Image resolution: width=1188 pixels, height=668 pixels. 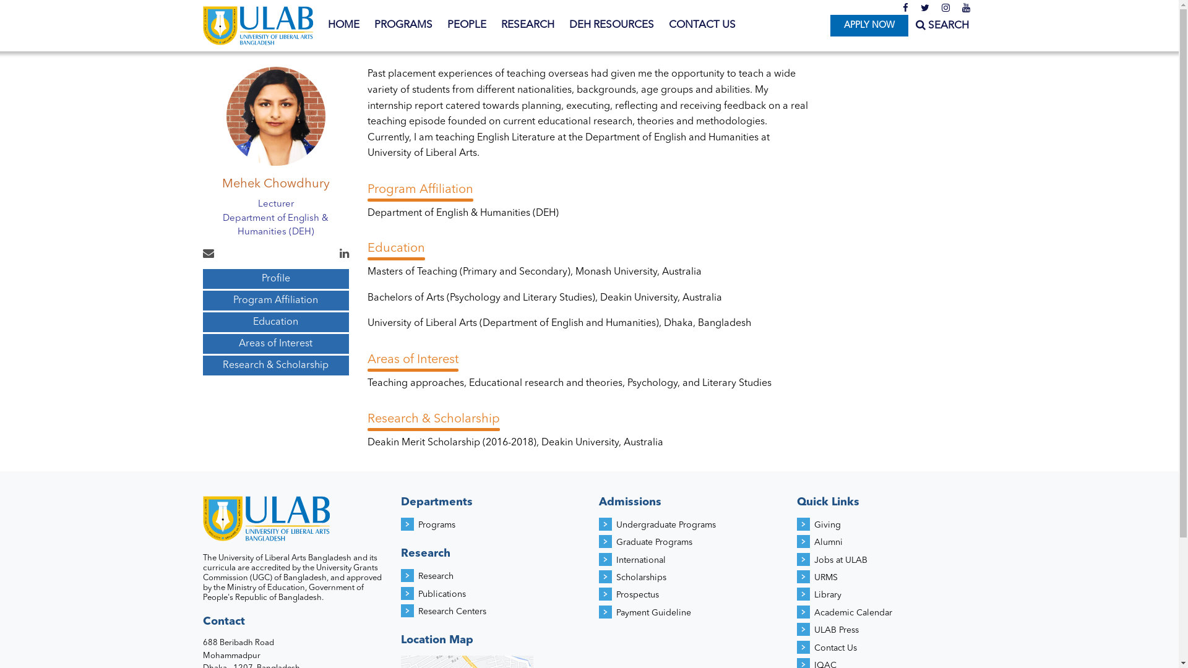 What do you see at coordinates (653, 541) in the screenshot?
I see `'Graduate Programs'` at bounding box center [653, 541].